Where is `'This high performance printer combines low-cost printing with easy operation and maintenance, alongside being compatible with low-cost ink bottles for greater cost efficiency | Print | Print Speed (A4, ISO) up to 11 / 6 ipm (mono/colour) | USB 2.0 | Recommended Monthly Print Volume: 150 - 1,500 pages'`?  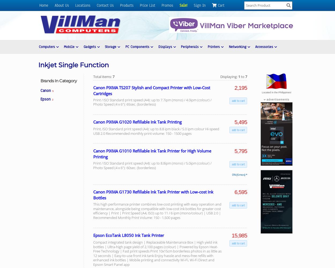 'This high performance printer combines low-cost printing with easy operation and maintenance, alongside being compatible with low-cost ink bottles for greater cost efficiency | Print | Print Speed (A4, ISO) up to 11 / 6 ipm (mono/colour) | USB 2.0 | Recommended Monthly Print Volume: 150 - 1,500 pages' is located at coordinates (93, 211).